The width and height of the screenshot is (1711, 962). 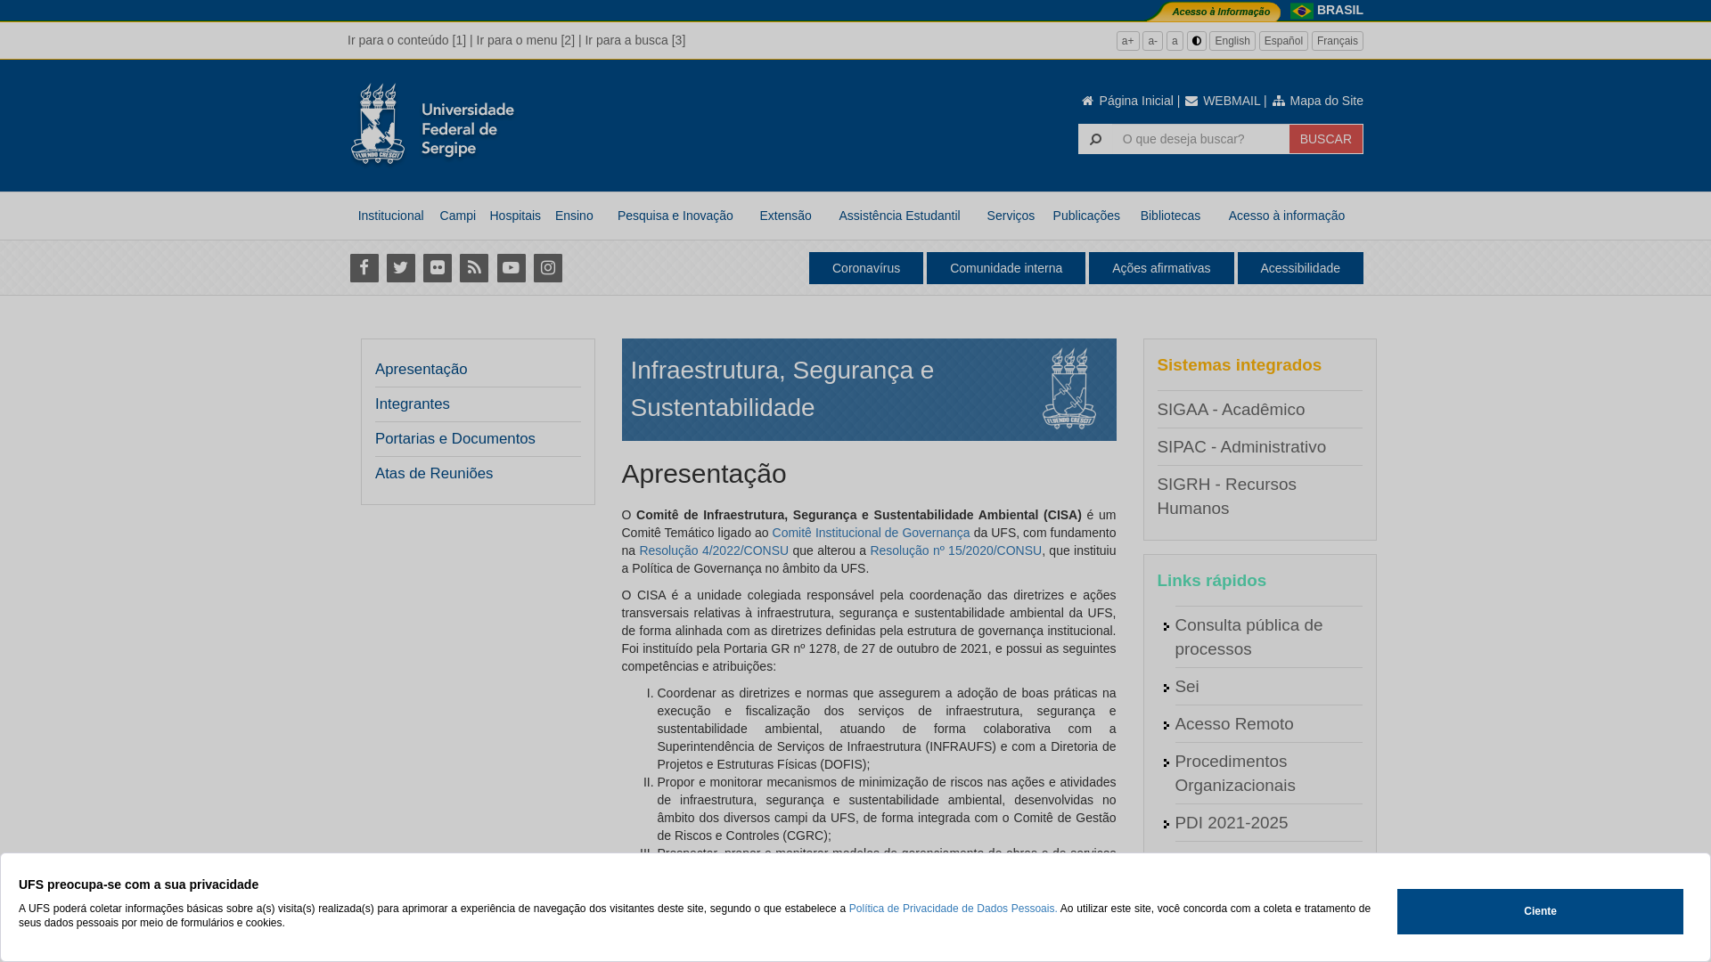 What do you see at coordinates (513, 215) in the screenshot?
I see `'Hospitais'` at bounding box center [513, 215].